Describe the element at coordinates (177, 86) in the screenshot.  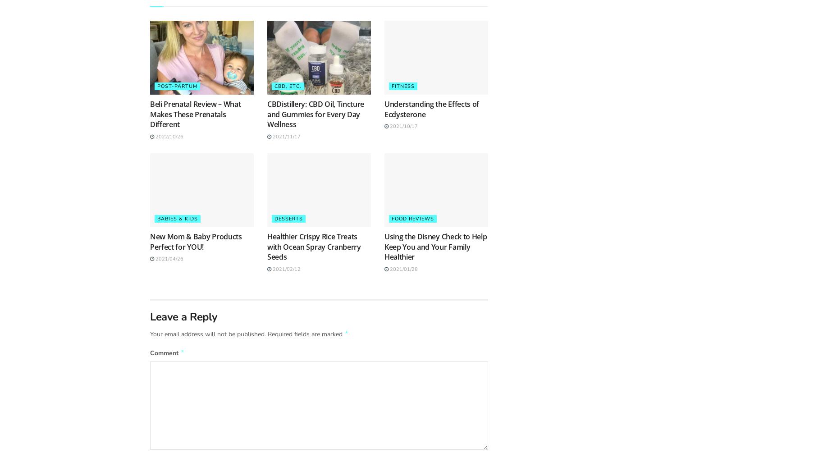
I see `'Post-Partum'` at that location.